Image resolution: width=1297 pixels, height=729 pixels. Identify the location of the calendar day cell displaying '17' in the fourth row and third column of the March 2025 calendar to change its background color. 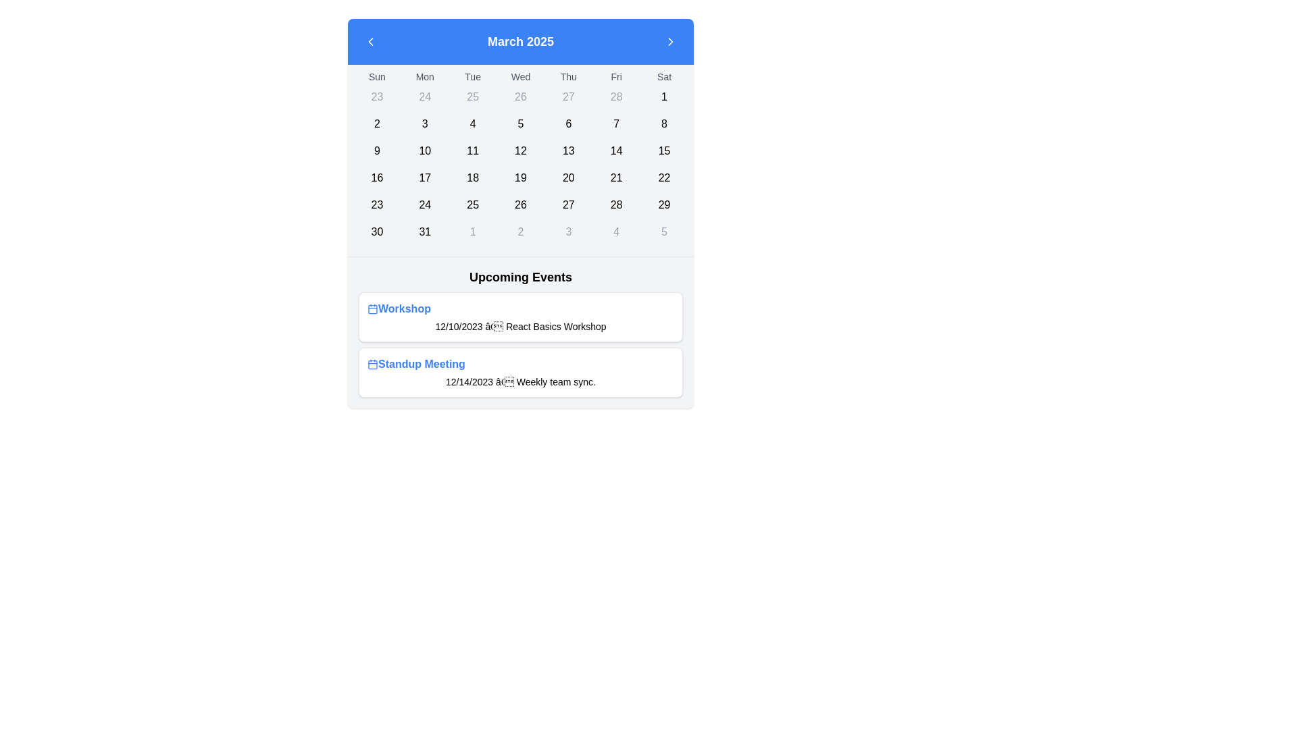
(424, 177).